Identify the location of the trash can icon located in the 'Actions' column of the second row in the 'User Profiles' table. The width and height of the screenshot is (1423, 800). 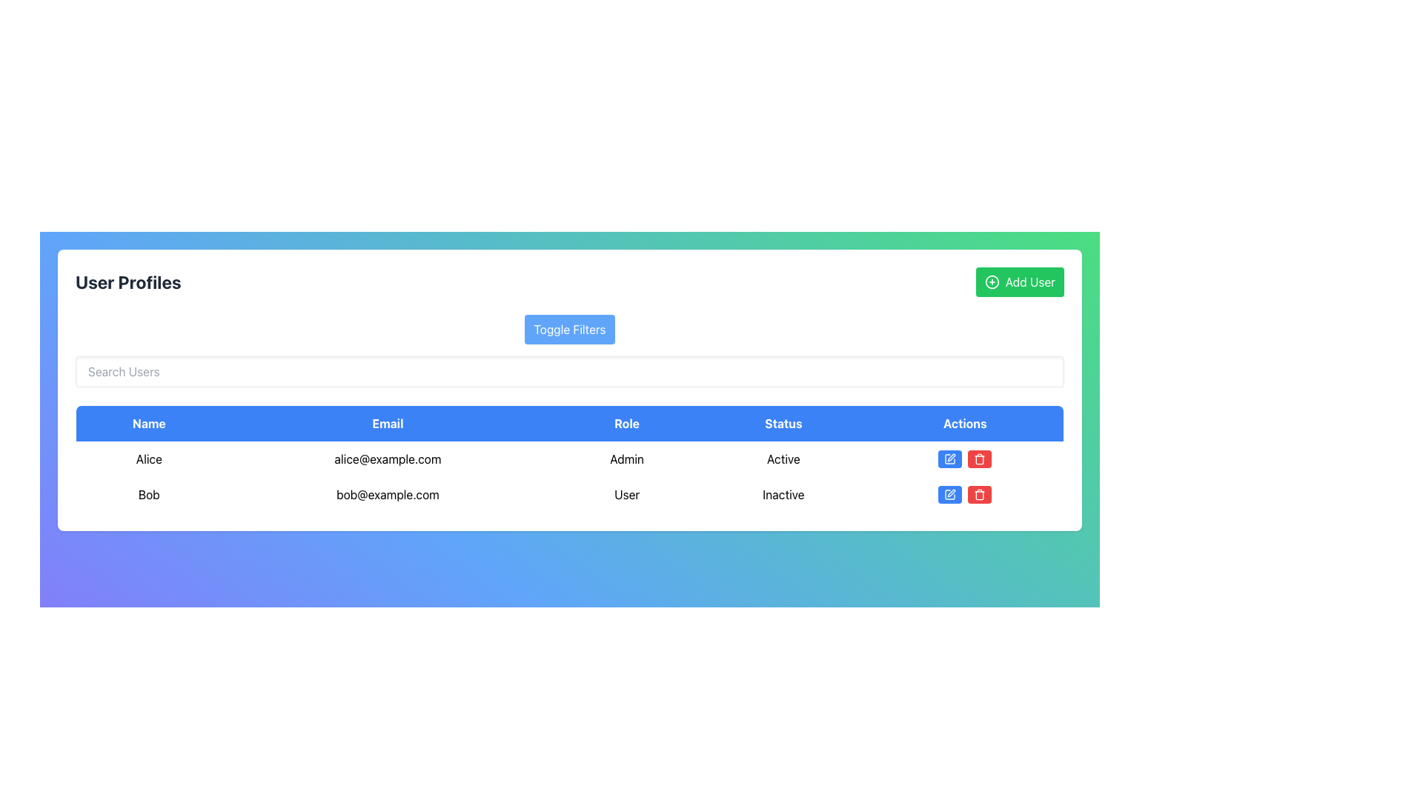
(980, 459).